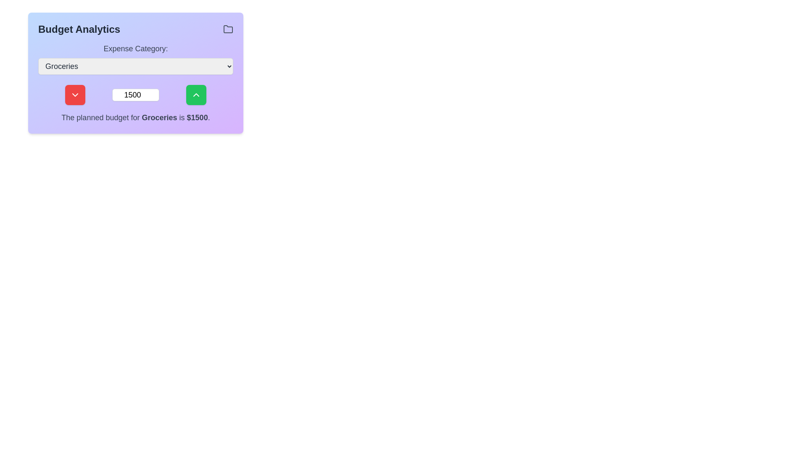 Image resolution: width=807 pixels, height=454 pixels. What do you see at coordinates (135, 118) in the screenshot?
I see `the text label that displays 'The planned budget for Groceries is $1500.' which is styled with a medium-large font and gray color, located in the bottom part of the 'Budget Analytics' card section` at bounding box center [135, 118].